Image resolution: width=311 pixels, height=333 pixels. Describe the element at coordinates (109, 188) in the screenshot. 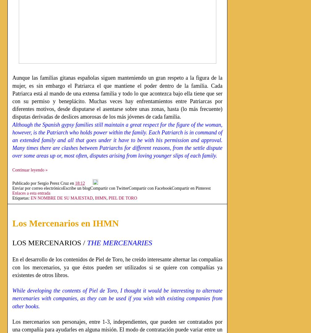

I see `'Compartir con Twitter'` at that location.